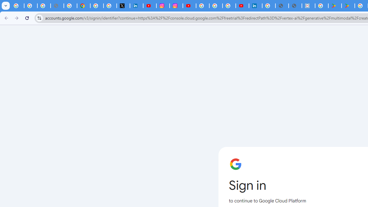 The width and height of the screenshot is (368, 207). Describe the element at coordinates (123, 6) in the screenshot. I see `'X'` at that location.